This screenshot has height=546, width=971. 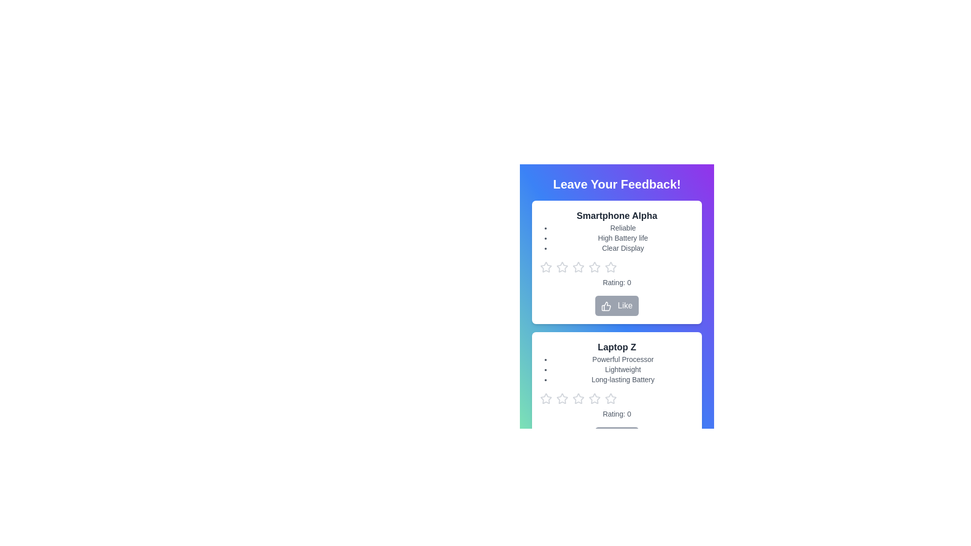 What do you see at coordinates (578, 398) in the screenshot?
I see `the second star in the rating widget below the 'Laptop Z' product description` at bounding box center [578, 398].